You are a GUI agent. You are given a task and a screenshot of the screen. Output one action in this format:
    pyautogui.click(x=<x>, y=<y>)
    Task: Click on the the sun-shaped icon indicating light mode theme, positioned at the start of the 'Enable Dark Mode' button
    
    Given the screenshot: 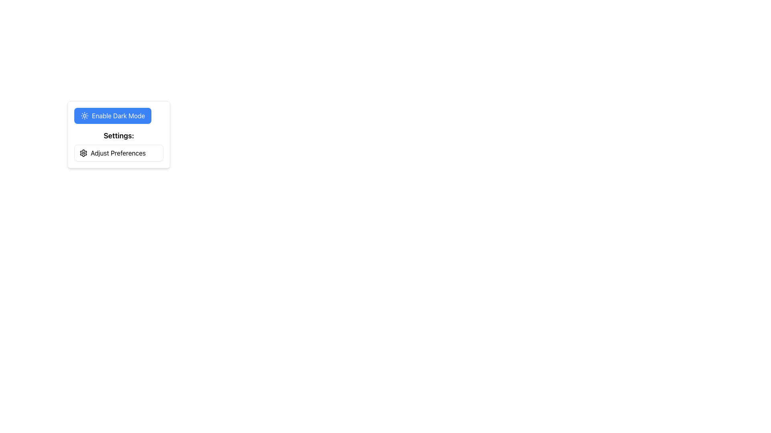 What is the action you would take?
    pyautogui.click(x=85, y=116)
    